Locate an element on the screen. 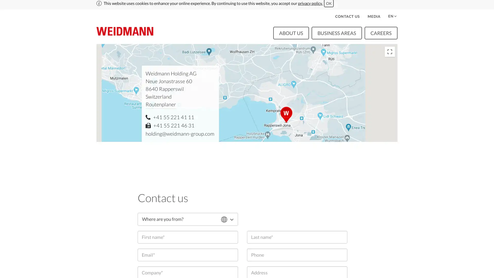  Zoom out is located at coordinates (390, 177).